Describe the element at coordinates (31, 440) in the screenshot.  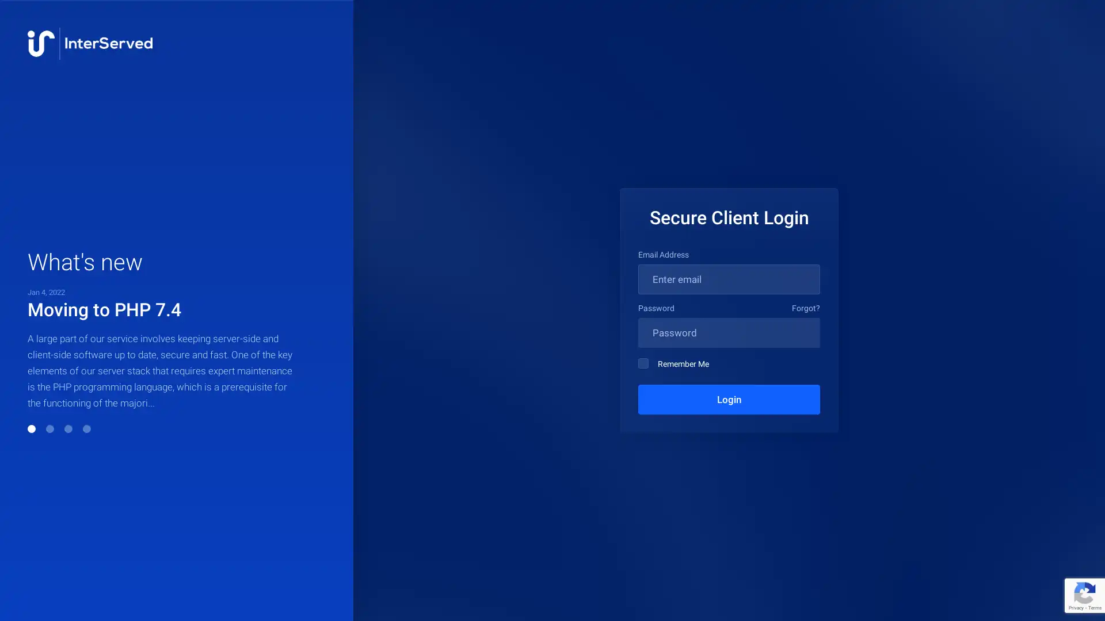
I see `Go to slide 1` at that location.